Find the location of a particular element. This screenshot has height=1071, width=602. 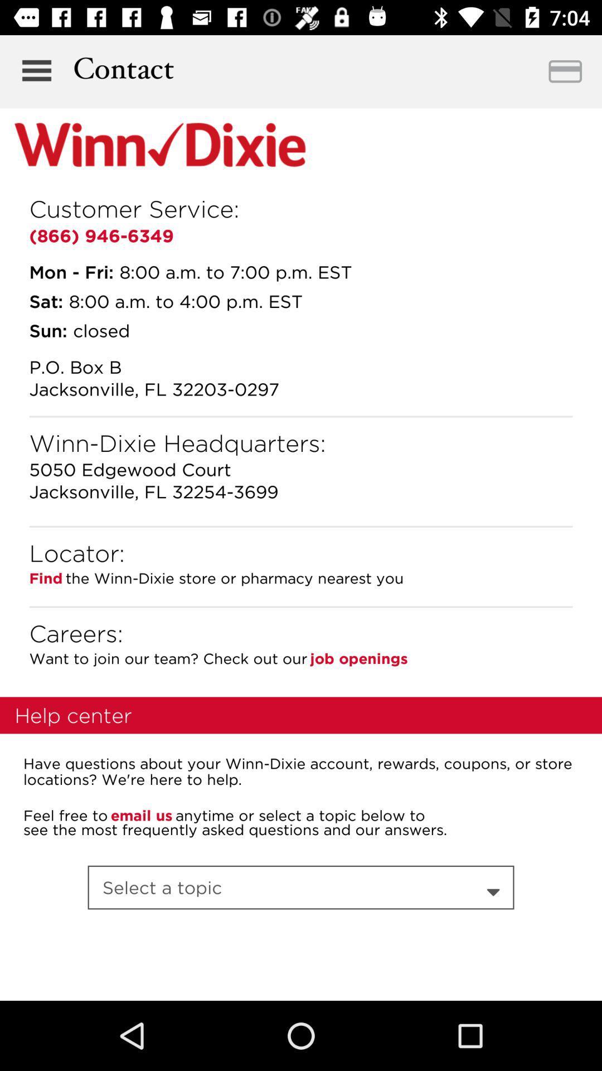

feel free to icon is located at coordinates (65, 815).